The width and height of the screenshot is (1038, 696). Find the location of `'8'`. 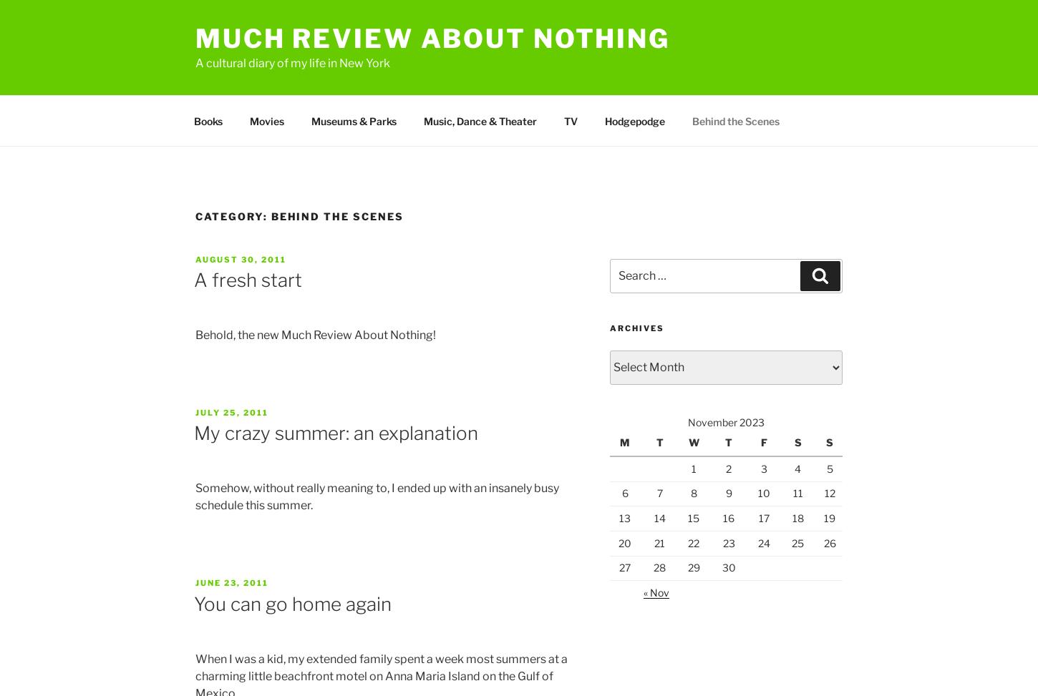

'8' is located at coordinates (693, 492).